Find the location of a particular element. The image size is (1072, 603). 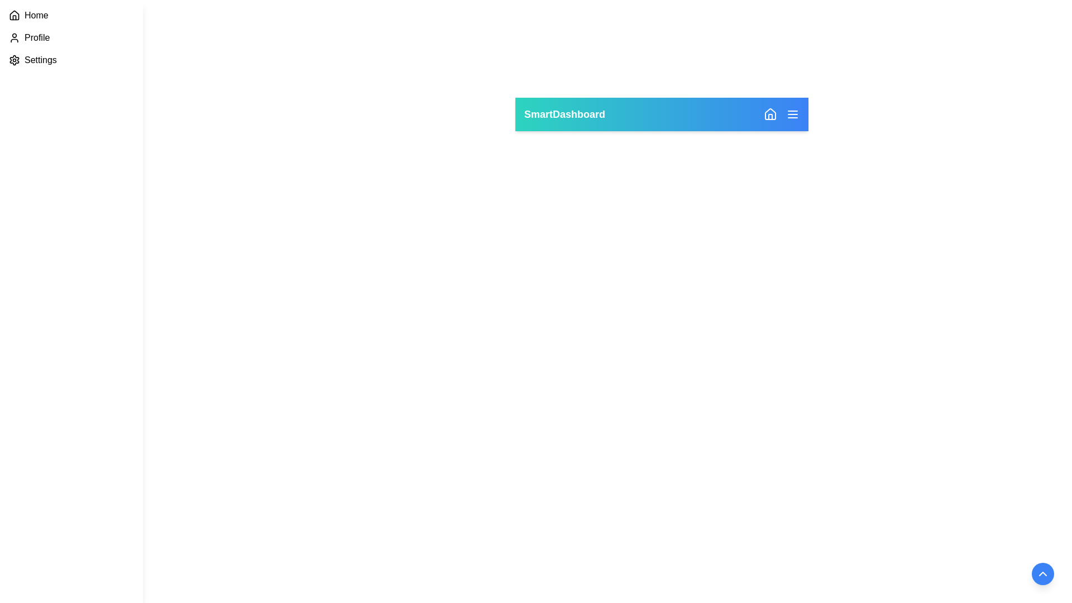

the 'Home' text label in the vertical navigation sidebar, which is located to the right of the house icon is located at coordinates (36, 15).